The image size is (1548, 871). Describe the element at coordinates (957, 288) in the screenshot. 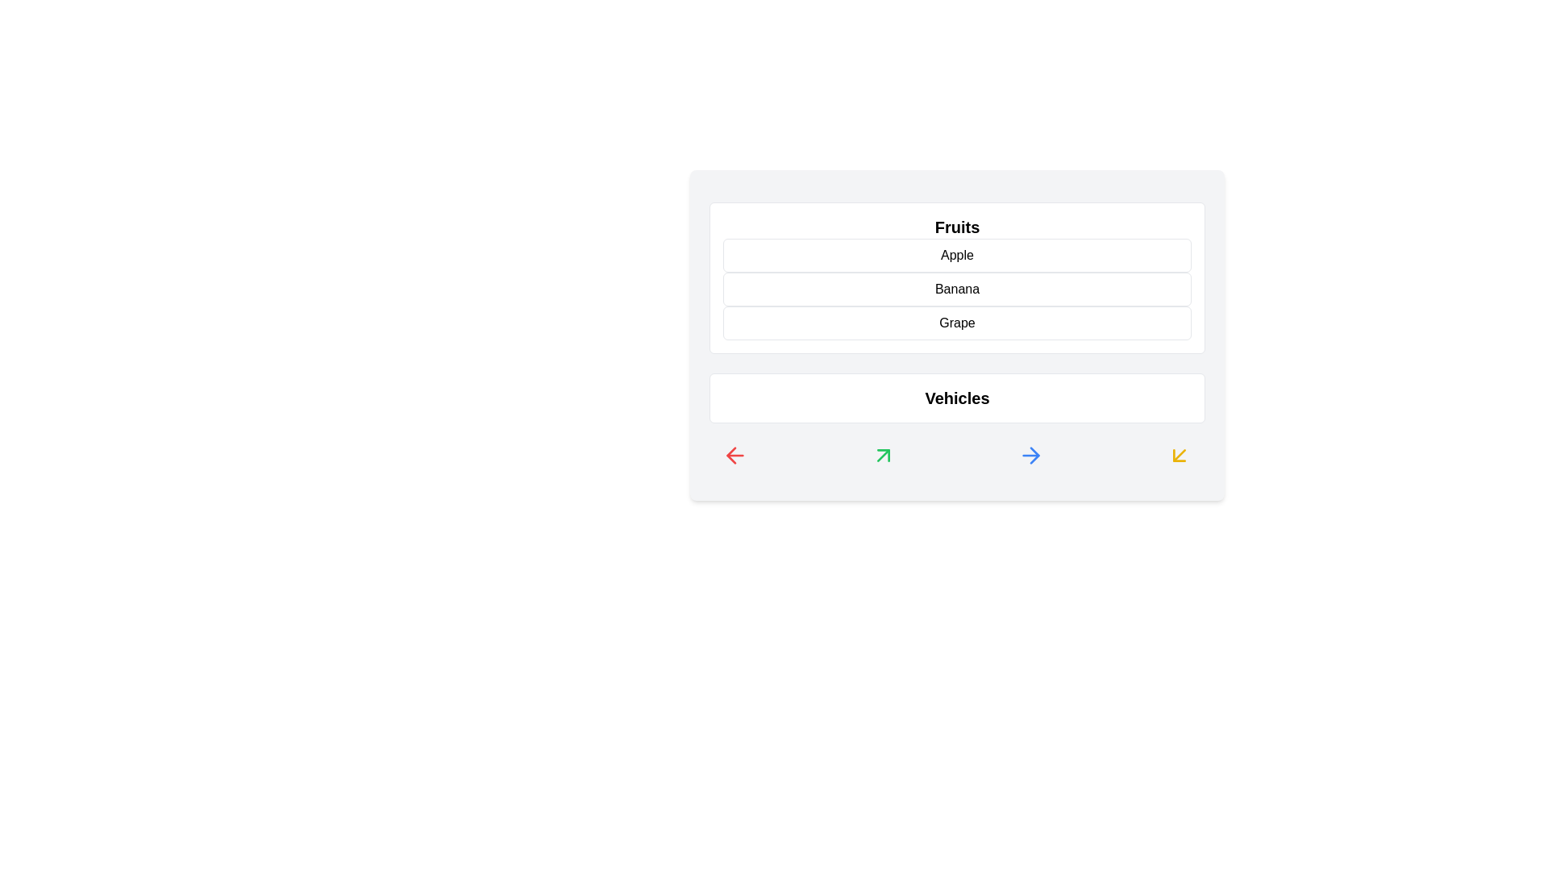

I see `the item Banana in the list to highlight it` at that location.